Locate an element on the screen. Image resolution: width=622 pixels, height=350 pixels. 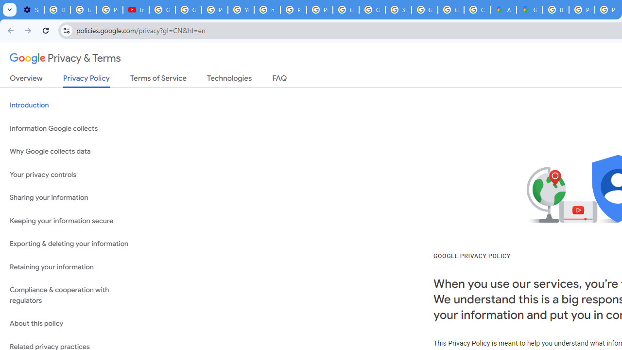
'Sharing your information' is located at coordinates (73, 197).